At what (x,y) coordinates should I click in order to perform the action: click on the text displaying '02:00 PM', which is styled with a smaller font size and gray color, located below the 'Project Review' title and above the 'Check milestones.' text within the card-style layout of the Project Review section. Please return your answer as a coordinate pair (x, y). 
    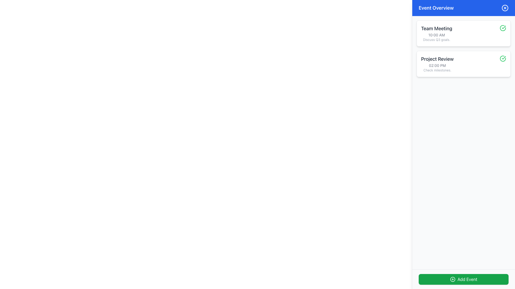
    Looking at the image, I should click on (437, 65).